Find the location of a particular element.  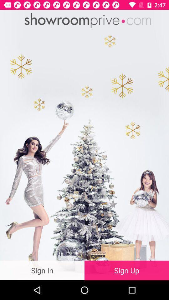

the sign up is located at coordinates (127, 270).